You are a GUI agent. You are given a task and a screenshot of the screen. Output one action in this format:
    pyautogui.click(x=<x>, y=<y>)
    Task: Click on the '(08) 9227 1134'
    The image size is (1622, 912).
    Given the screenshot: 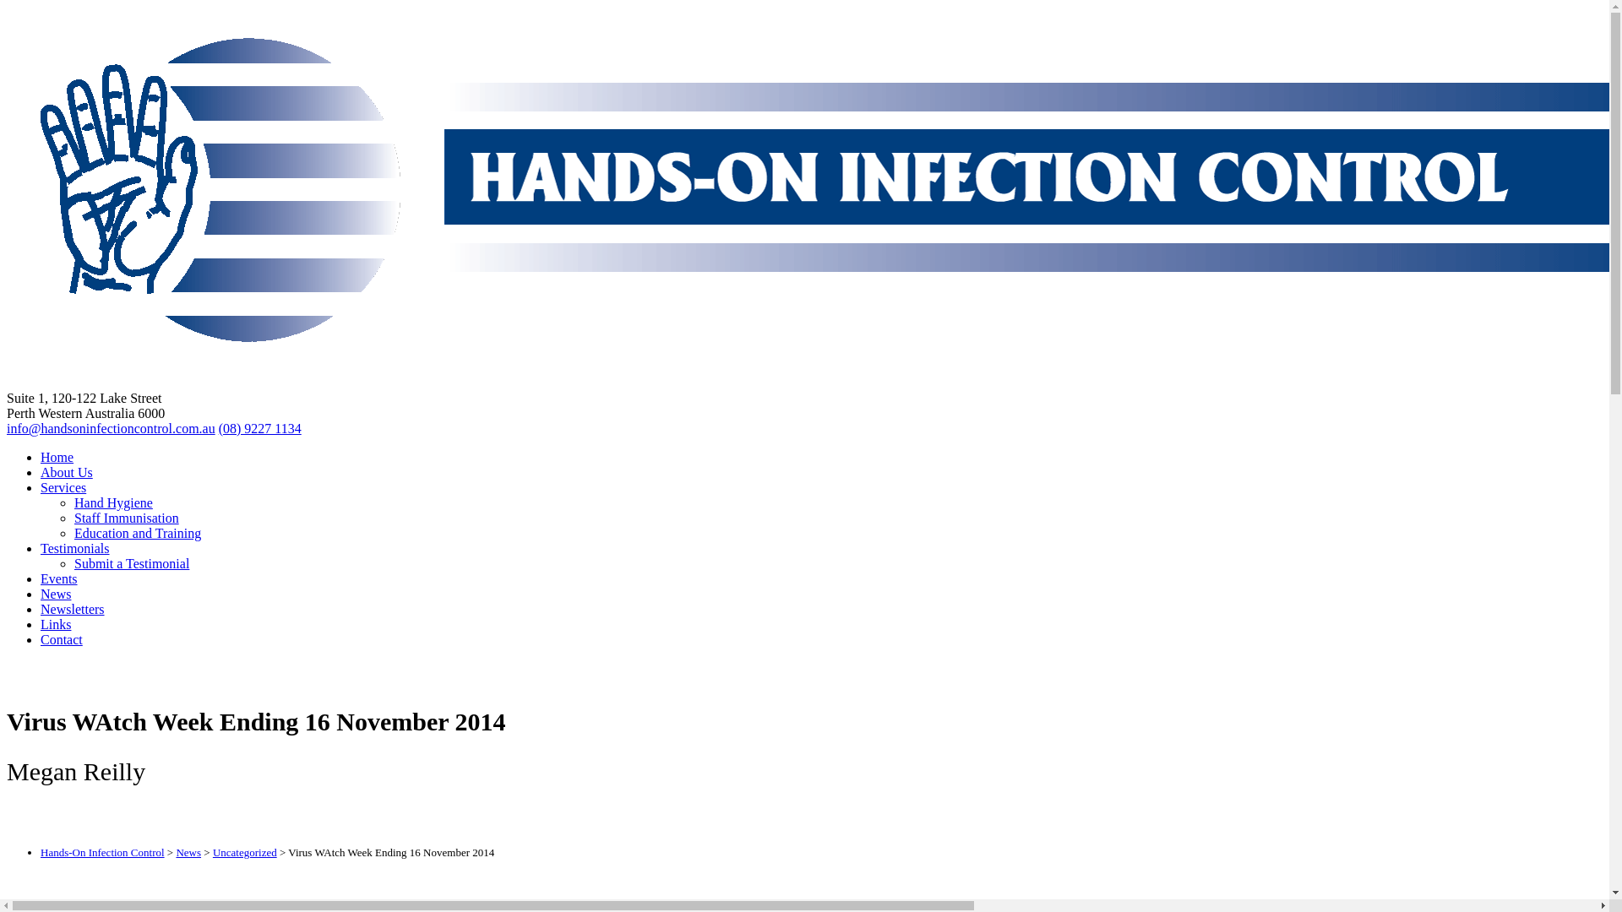 What is the action you would take?
    pyautogui.click(x=259, y=427)
    